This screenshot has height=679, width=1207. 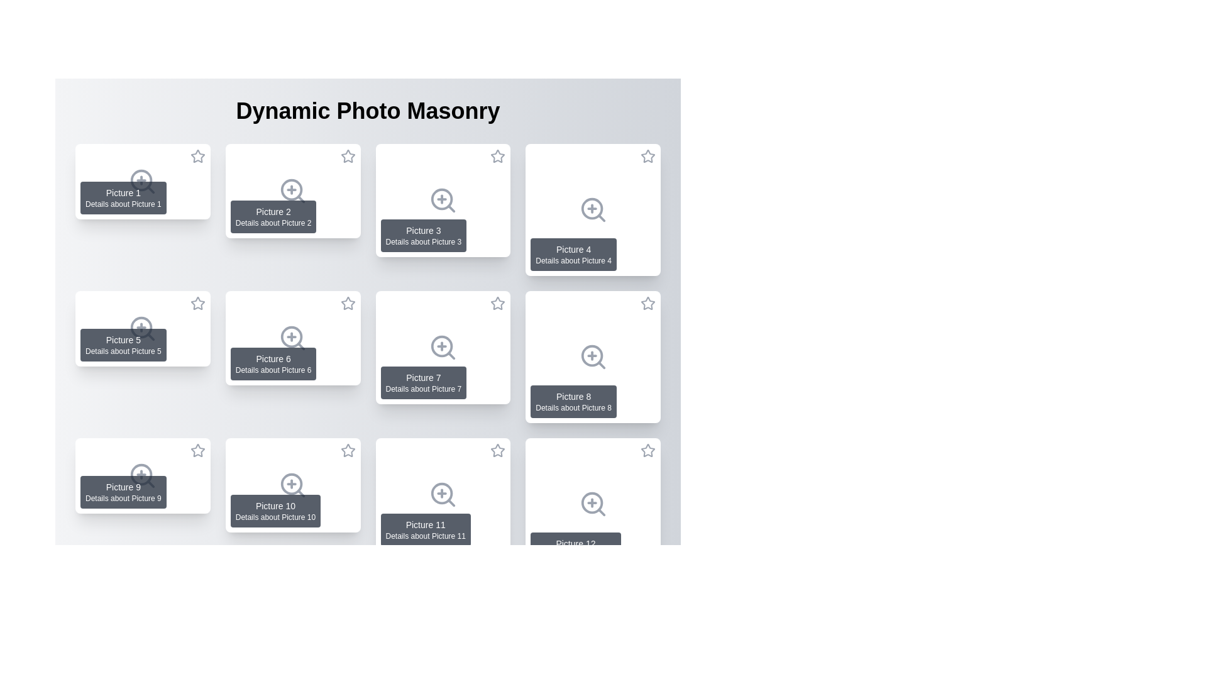 I want to click on the Card element representing an item in the gallery layout, located in the thirteenth position of the grid in the bottom-left quadrant, so click(x=143, y=623).